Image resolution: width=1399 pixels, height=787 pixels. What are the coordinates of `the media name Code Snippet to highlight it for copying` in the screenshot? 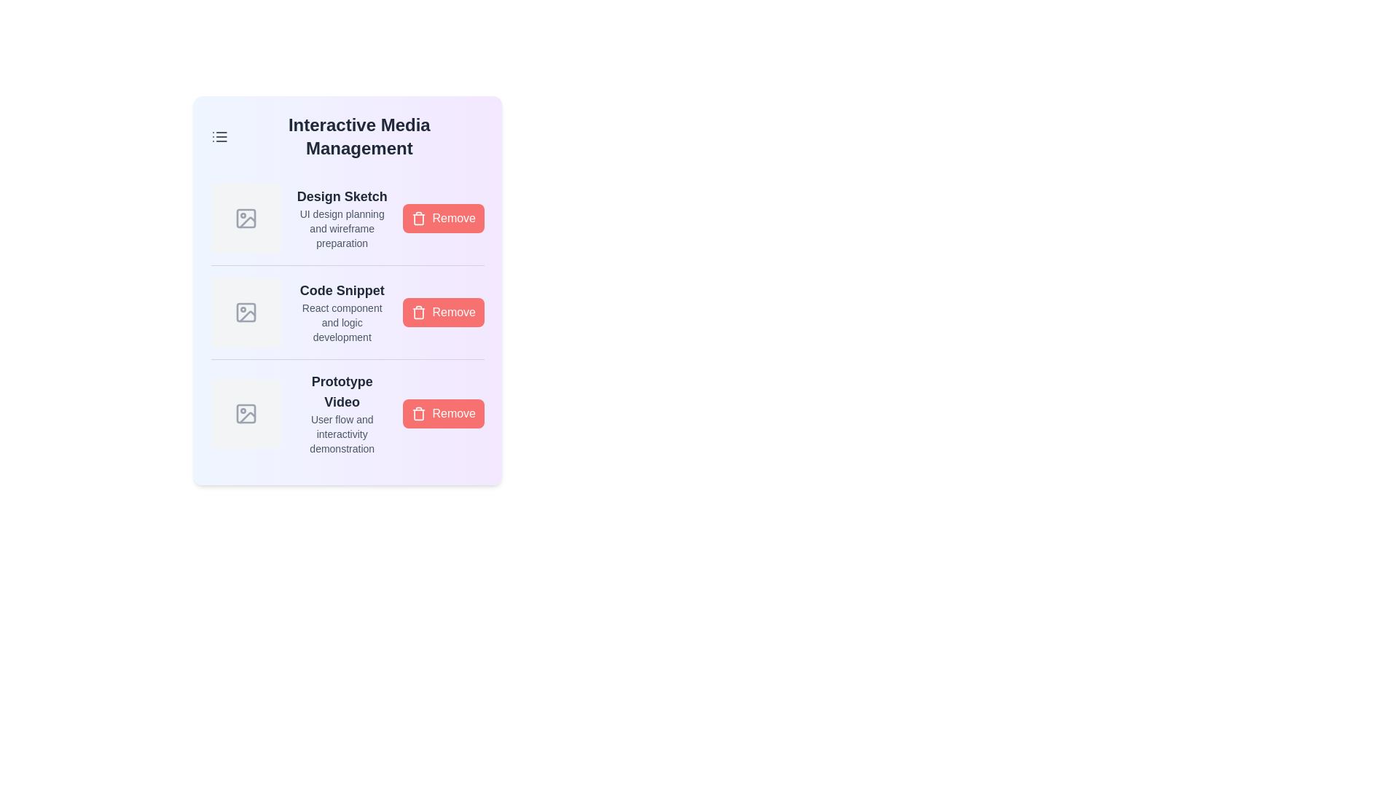 It's located at (341, 290).